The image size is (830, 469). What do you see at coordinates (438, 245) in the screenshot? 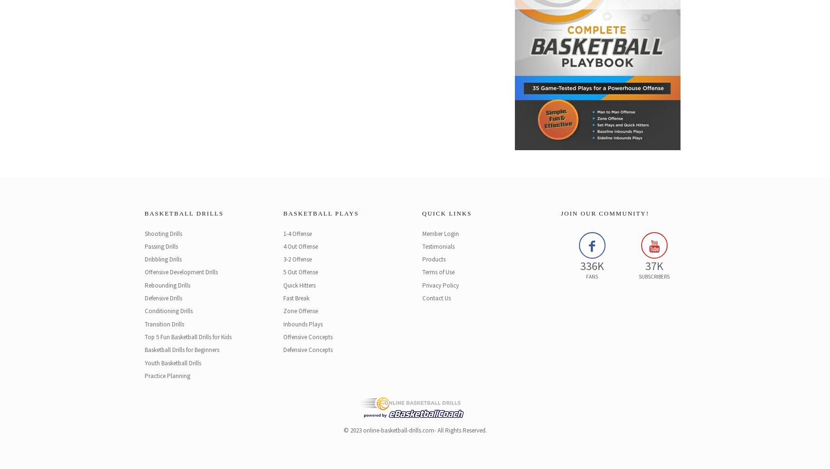
I see `'Testimonials'` at bounding box center [438, 245].